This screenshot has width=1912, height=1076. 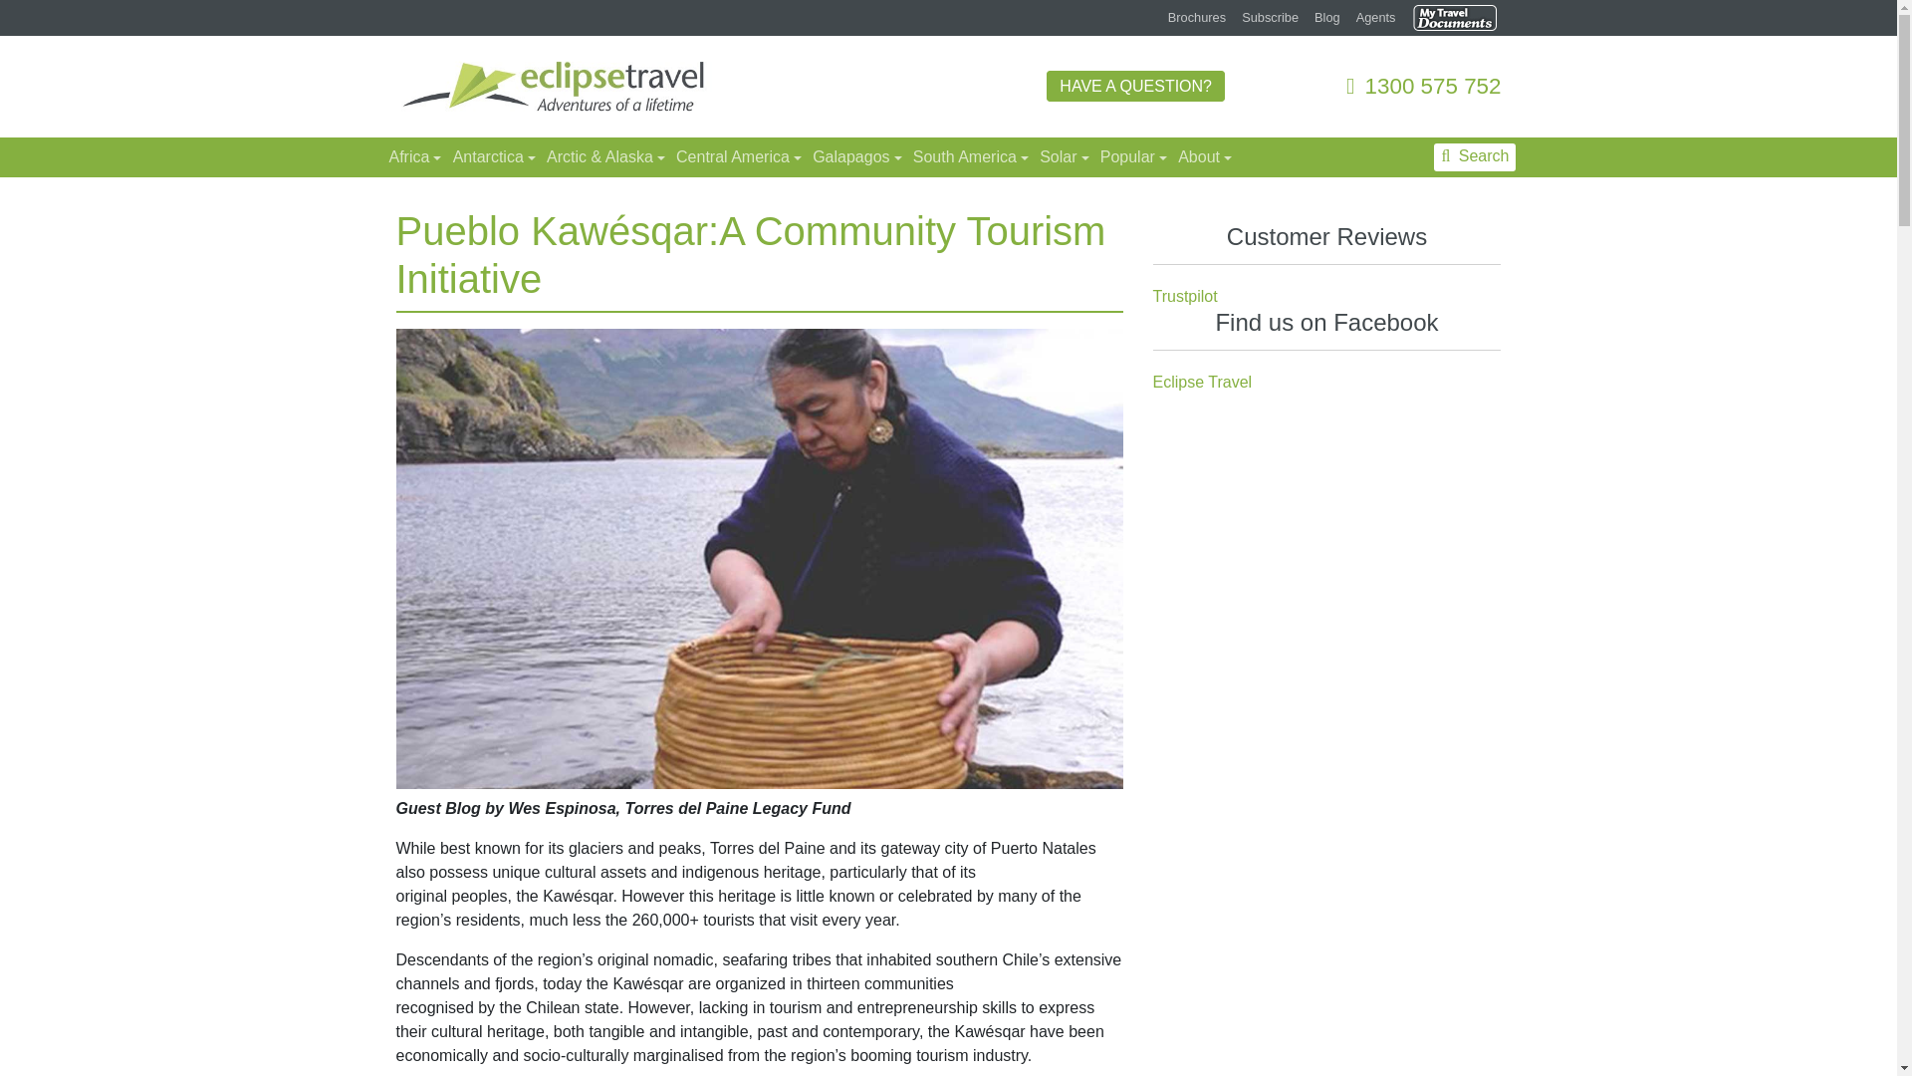 I want to click on 'Africa', so click(x=380, y=156).